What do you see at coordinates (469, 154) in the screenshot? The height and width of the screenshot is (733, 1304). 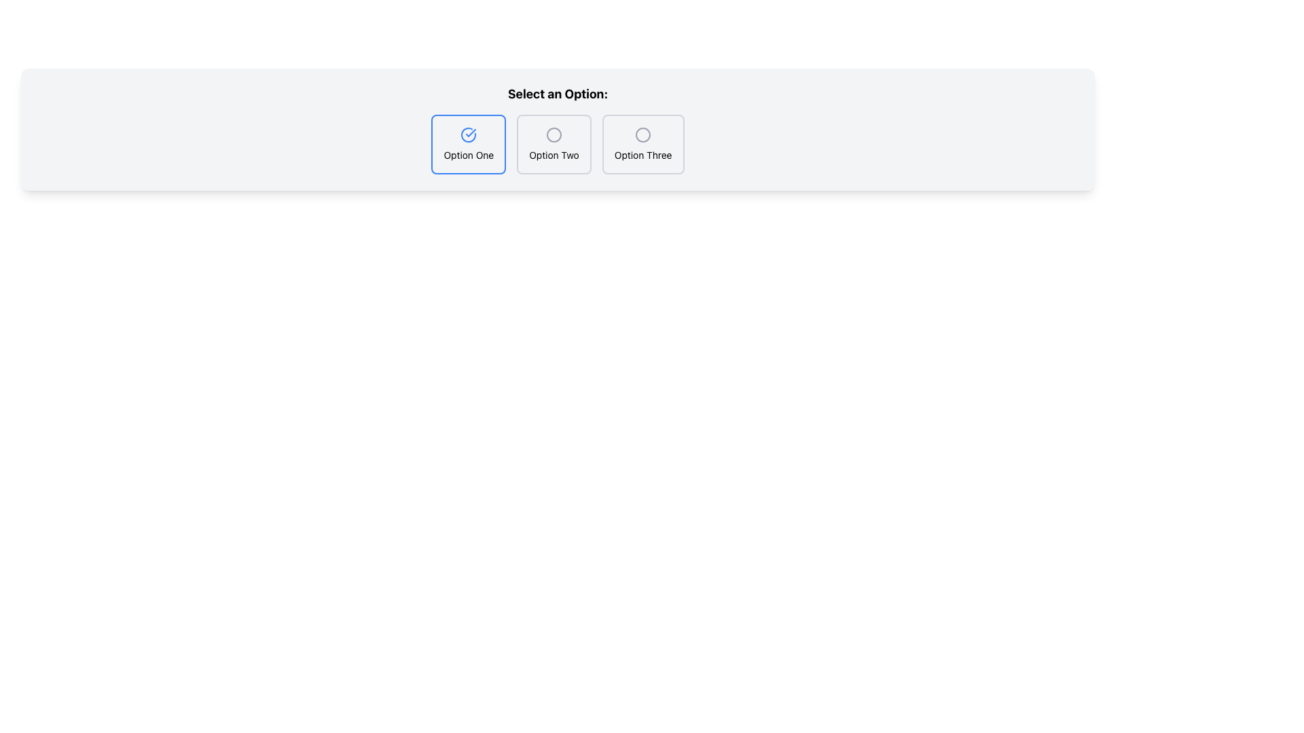 I see `the text label for 'Option One', which serves as a label for the first option button positioned below a blue check icon` at bounding box center [469, 154].